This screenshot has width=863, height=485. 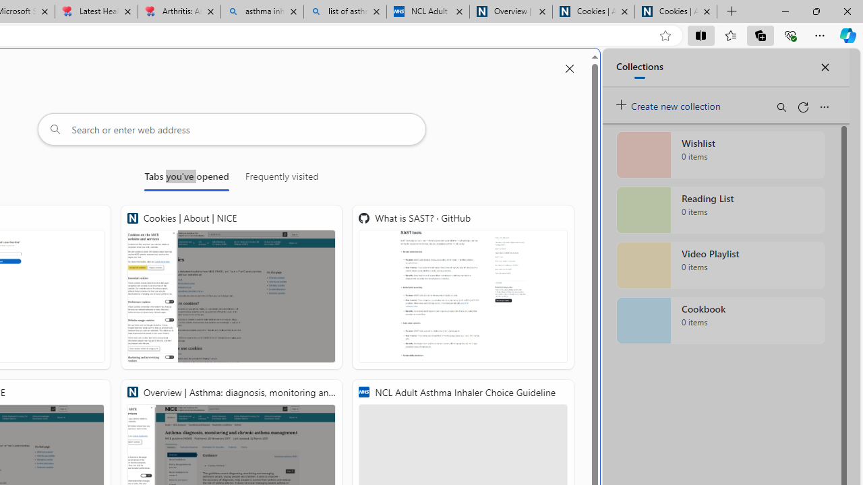 What do you see at coordinates (231, 129) in the screenshot?
I see `'Search or enter web address'` at bounding box center [231, 129].